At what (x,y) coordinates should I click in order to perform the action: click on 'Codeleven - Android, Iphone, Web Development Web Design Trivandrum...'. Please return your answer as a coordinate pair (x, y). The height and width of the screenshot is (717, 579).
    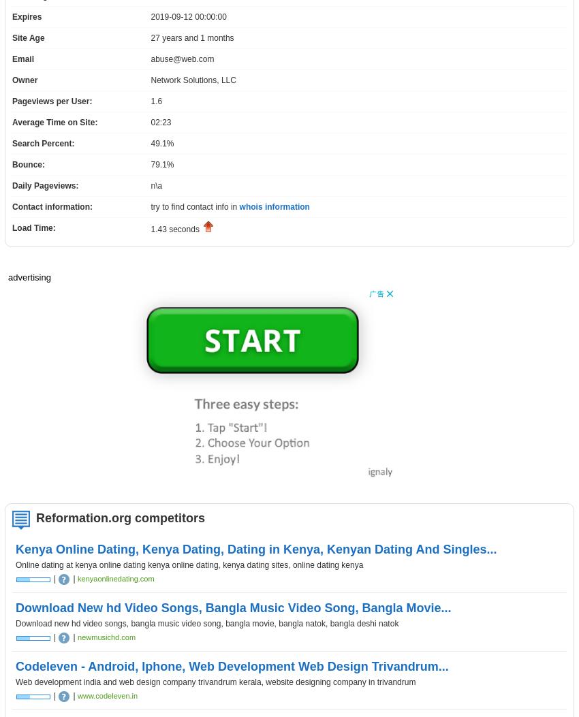
    Looking at the image, I should click on (232, 666).